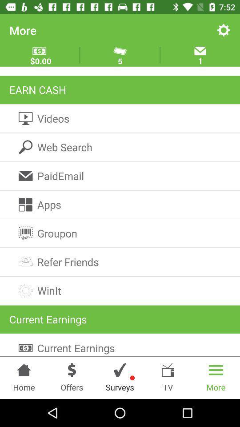 This screenshot has width=240, height=427. What do you see at coordinates (120, 233) in the screenshot?
I see `the item above refer friends icon` at bounding box center [120, 233].